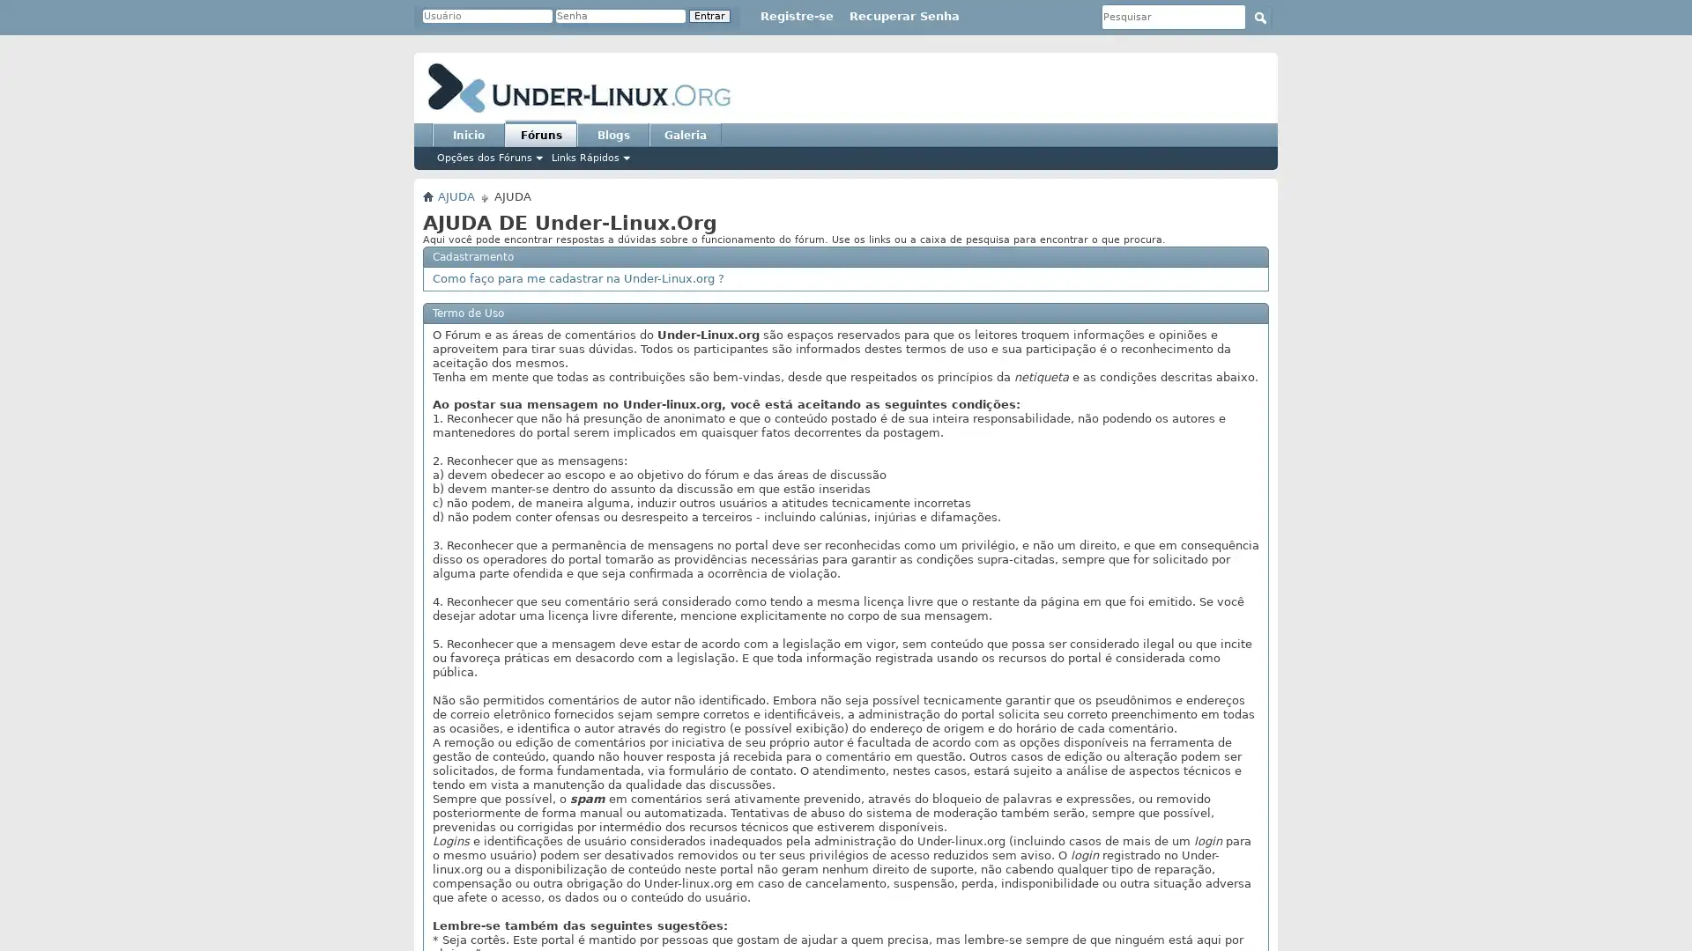 The image size is (1692, 951). What do you see at coordinates (1259, 17) in the screenshot?
I see `Submit` at bounding box center [1259, 17].